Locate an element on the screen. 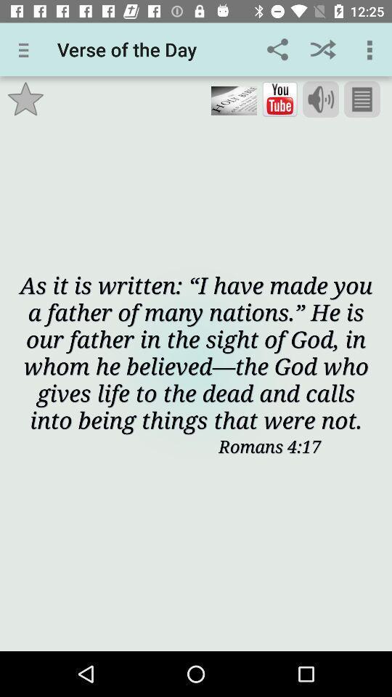  the star icon is located at coordinates (25, 98).